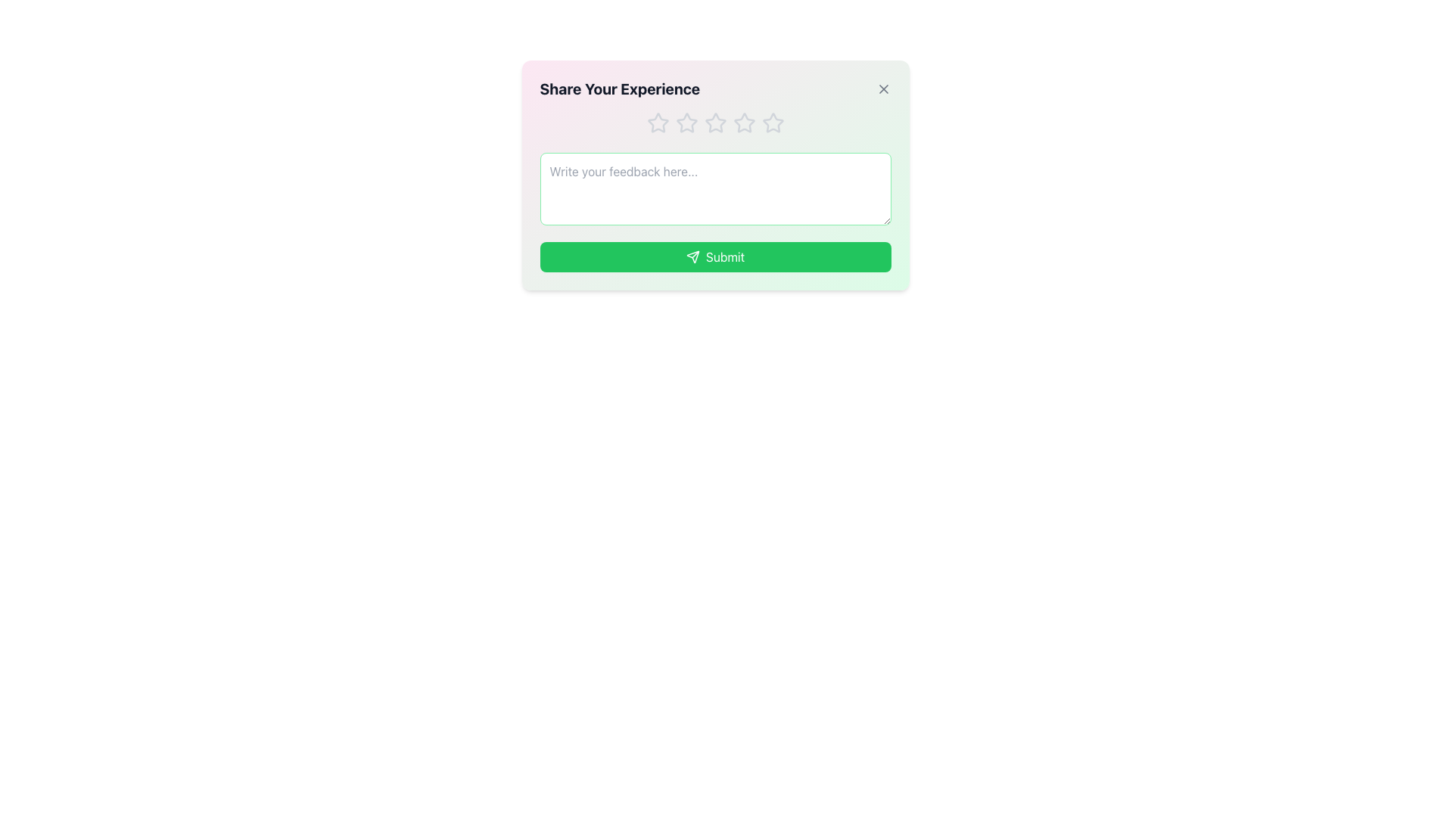 The width and height of the screenshot is (1453, 817). I want to click on the unselected star-shaped icon in the rating panel at the top of the feedback form, so click(658, 122).